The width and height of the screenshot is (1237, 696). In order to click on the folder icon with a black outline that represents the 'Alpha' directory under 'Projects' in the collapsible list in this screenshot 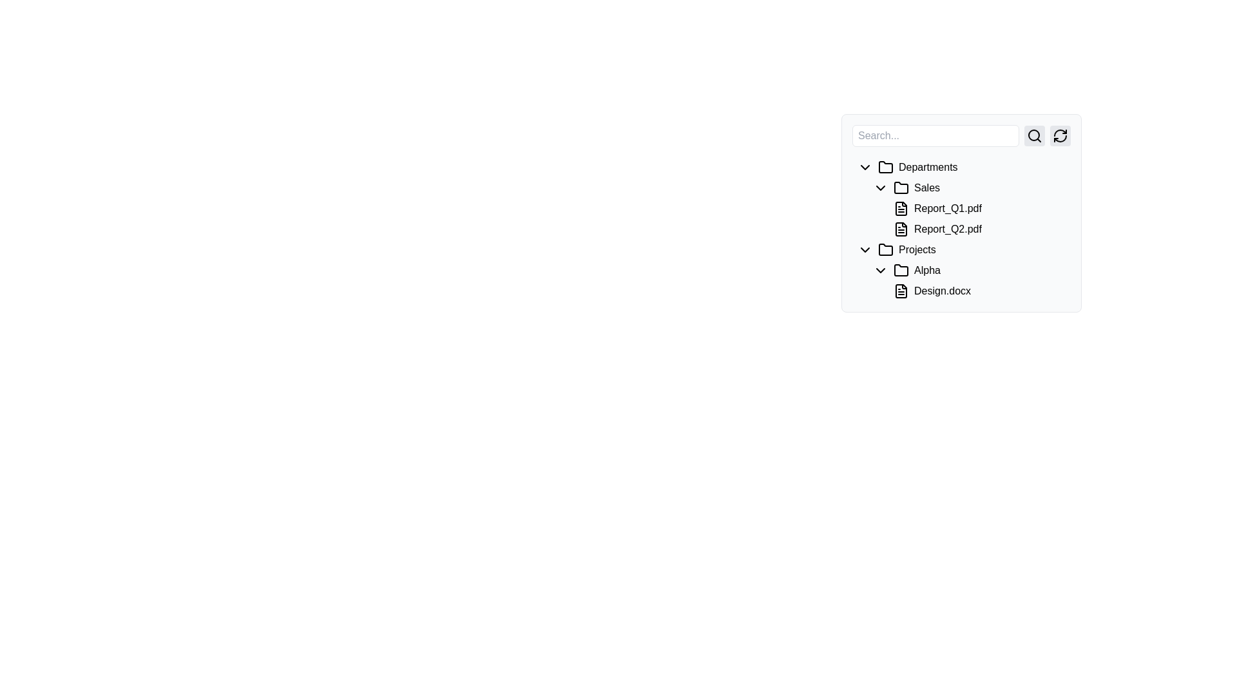, I will do `click(903, 270)`.